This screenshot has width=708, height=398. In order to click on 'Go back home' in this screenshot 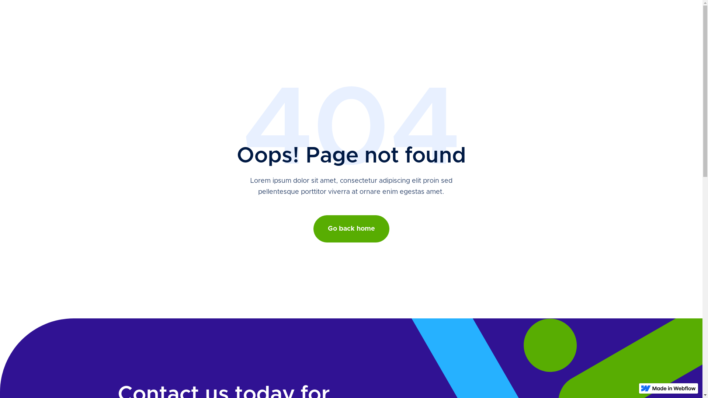, I will do `click(351, 228)`.